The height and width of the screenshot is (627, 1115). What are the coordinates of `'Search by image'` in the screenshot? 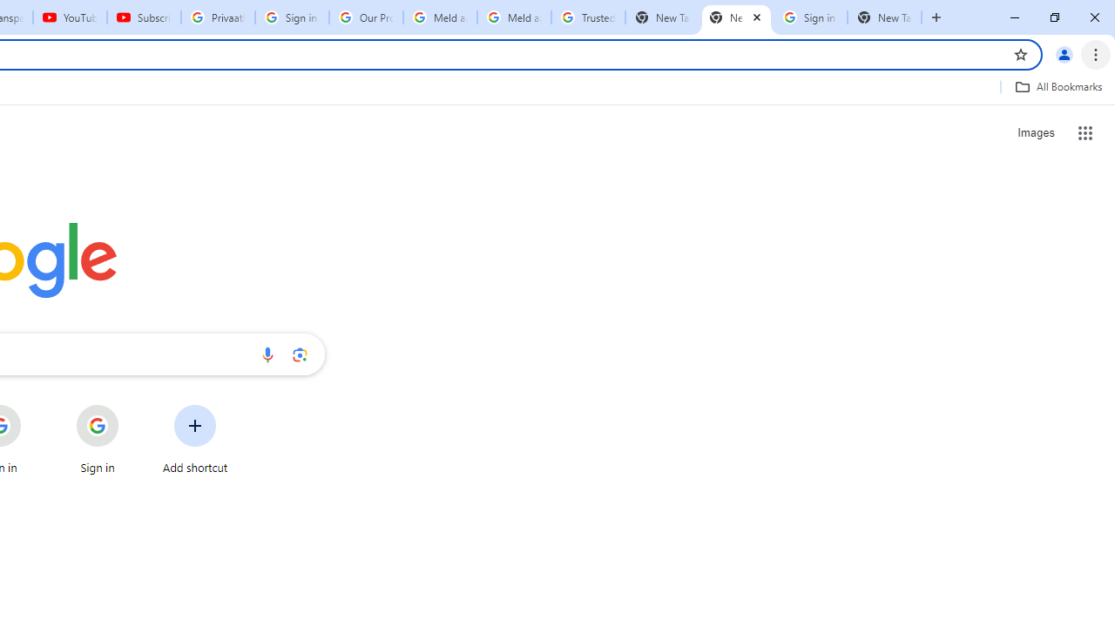 It's located at (300, 354).